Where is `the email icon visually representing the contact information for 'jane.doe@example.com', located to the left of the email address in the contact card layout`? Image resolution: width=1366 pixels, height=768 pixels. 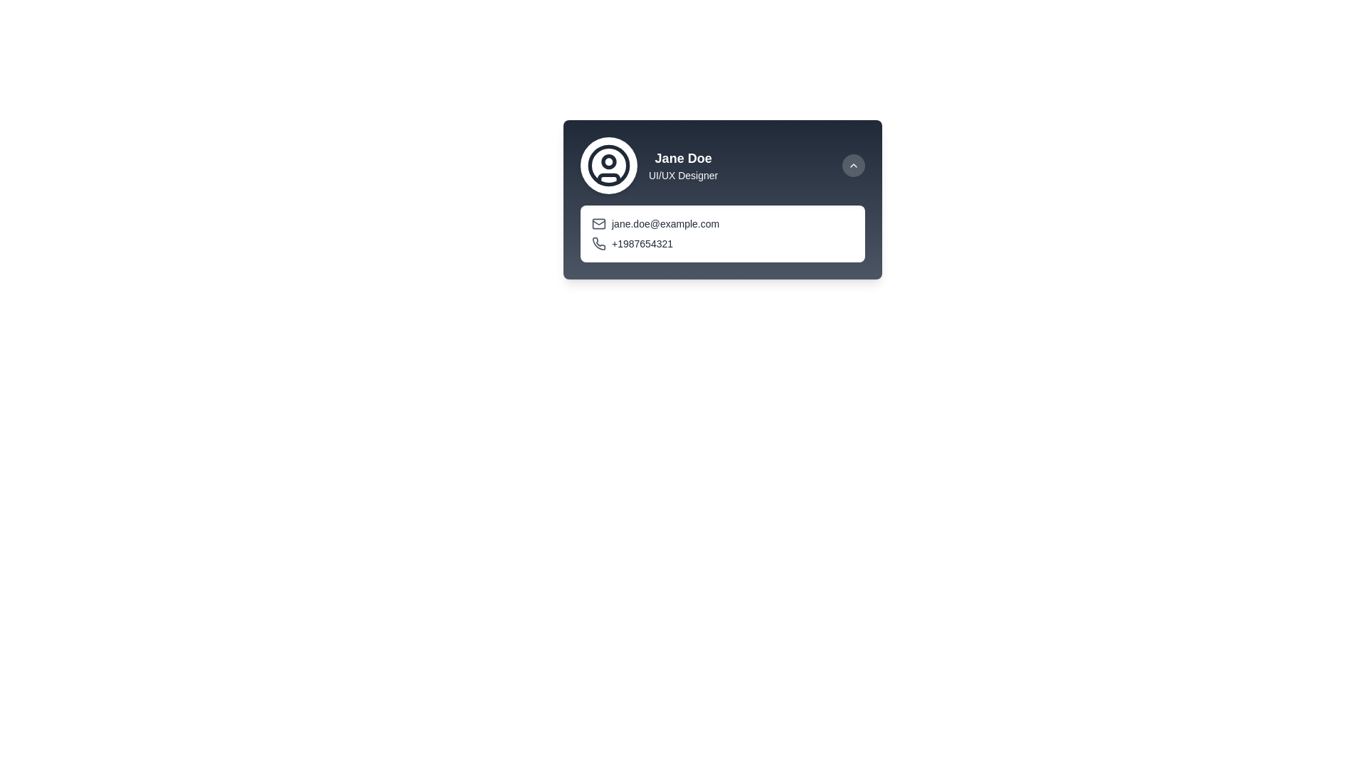
the email icon visually representing the contact information for 'jane.doe@example.com', located to the left of the email address in the contact card layout is located at coordinates (598, 222).